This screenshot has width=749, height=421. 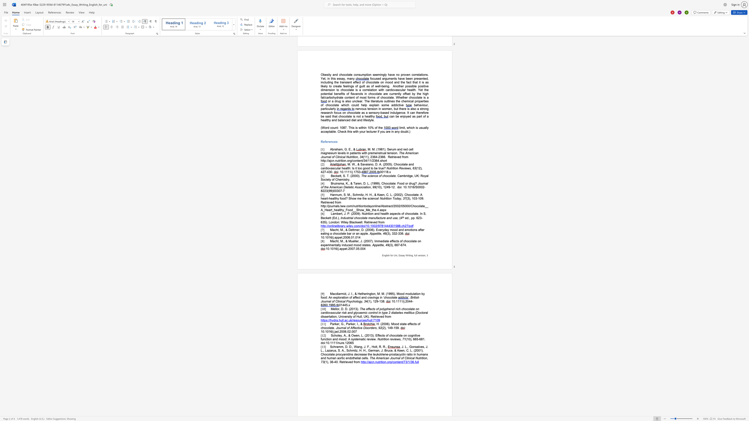 I want to click on the subset text "), 129-" within the text "(1), 129-138.", so click(x=370, y=301).